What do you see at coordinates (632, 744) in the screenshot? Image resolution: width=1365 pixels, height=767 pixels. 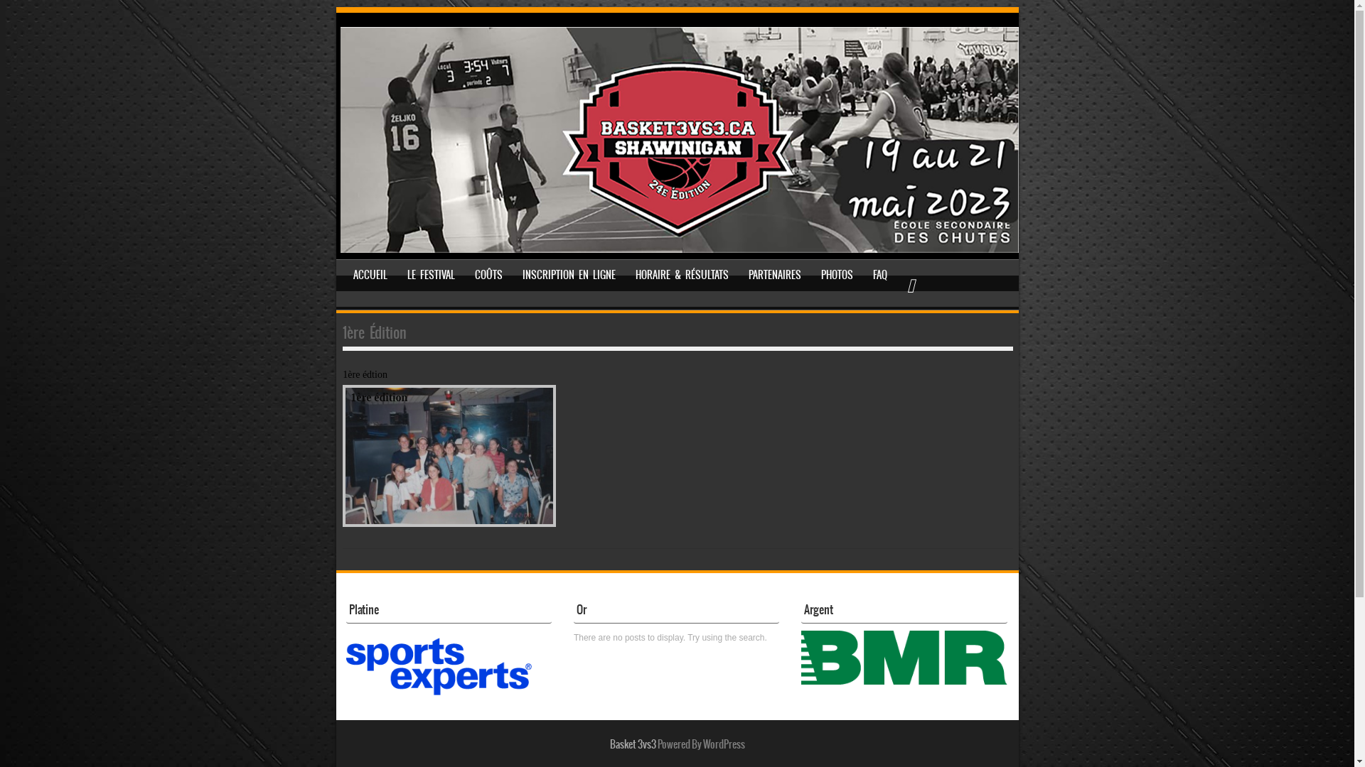 I see `'Basket 3vs3'` at bounding box center [632, 744].